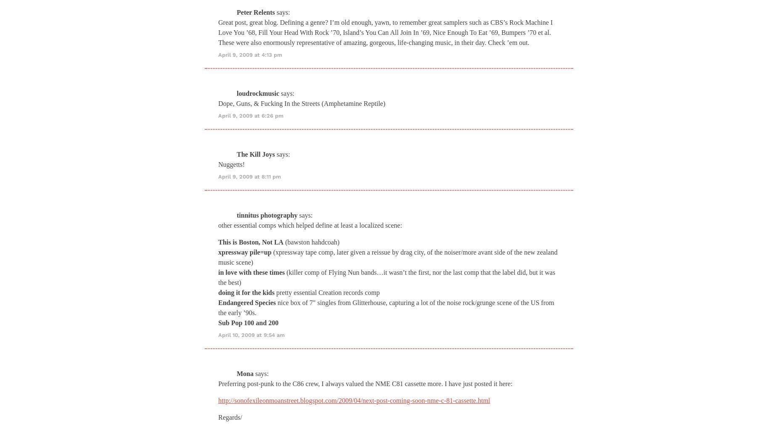 The height and width of the screenshot is (426, 778). Describe the element at coordinates (354, 400) in the screenshot. I see `'http://sonofexileonmoanstreet.blogspot.com/2009/04/next-post-coming-soon-nme-c-81-cassette.html'` at that location.